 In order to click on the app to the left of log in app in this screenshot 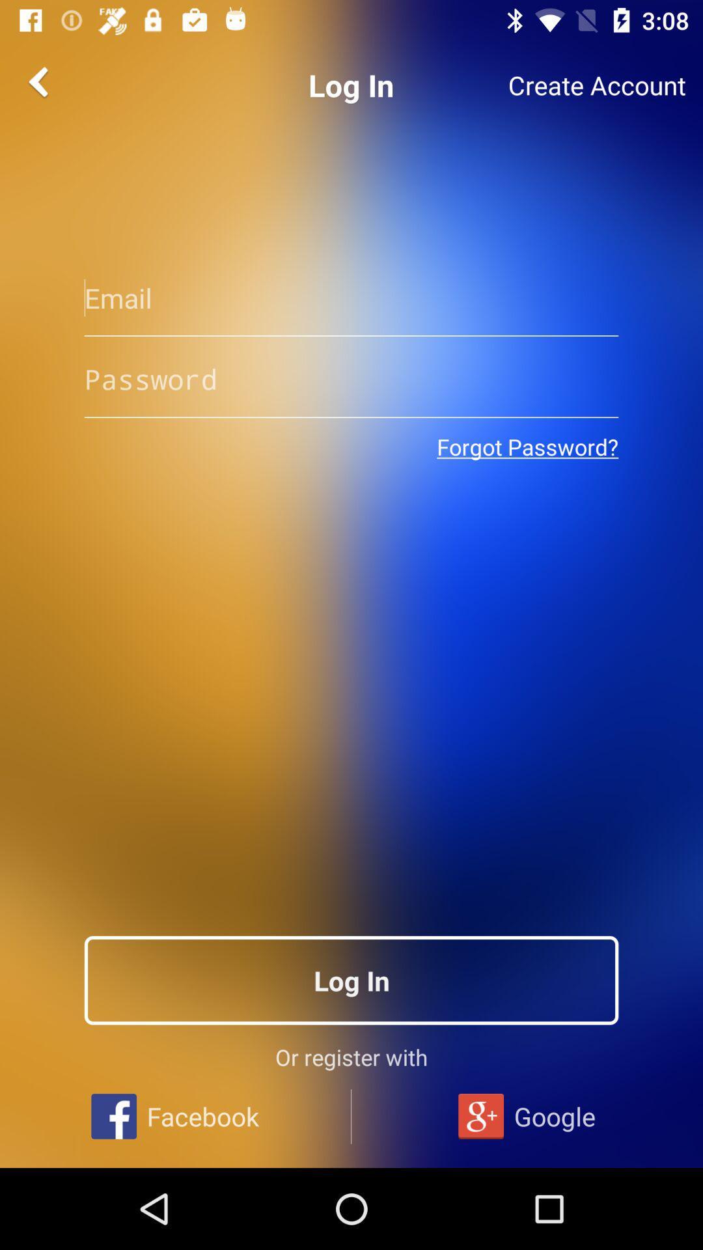, I will do `click(40, 81)`.